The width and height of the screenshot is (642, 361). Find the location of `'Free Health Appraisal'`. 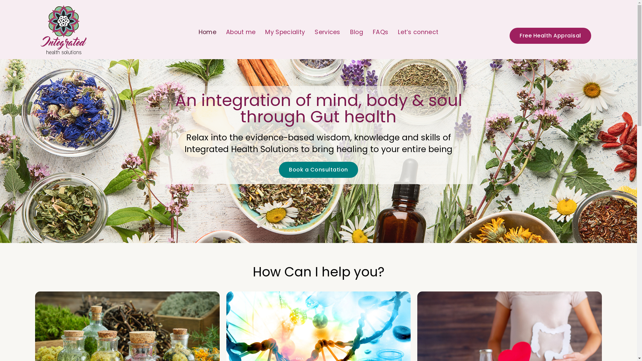

'Free Health Appraisal' is located at coordinates (550, 36).